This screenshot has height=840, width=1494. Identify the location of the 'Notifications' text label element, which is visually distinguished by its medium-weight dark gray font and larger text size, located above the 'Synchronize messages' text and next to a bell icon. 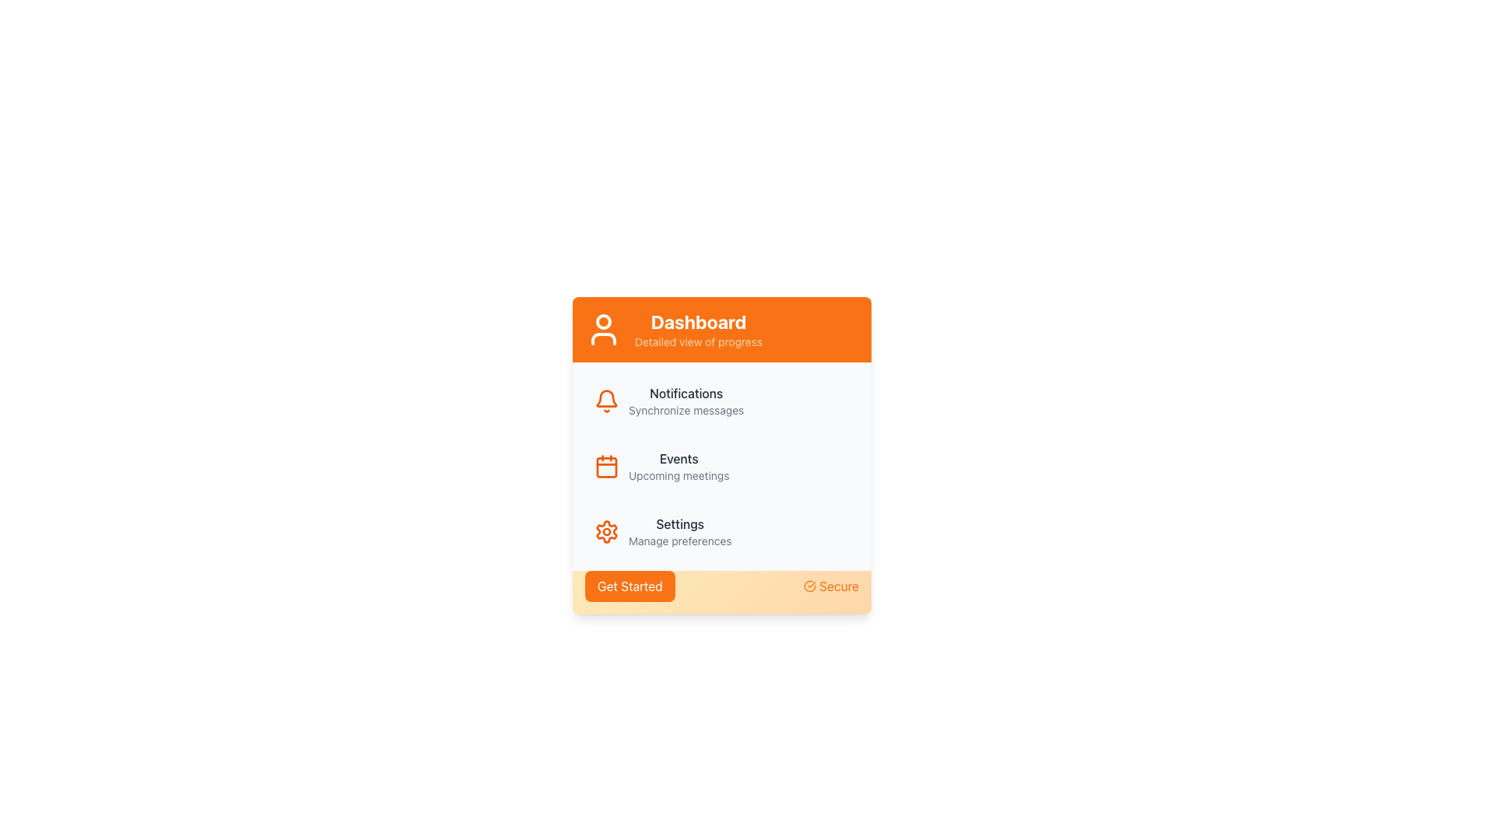
(686, 392).